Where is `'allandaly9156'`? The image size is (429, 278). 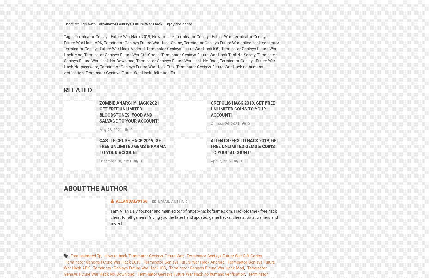 'allandaly9156' is located at coordinates (131, 201).